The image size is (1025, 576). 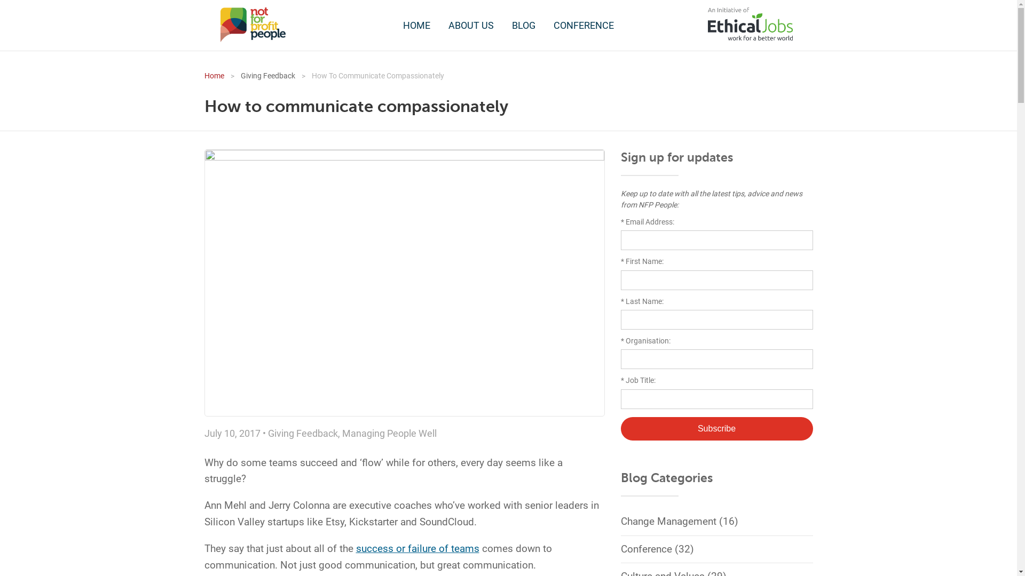 What do you see at coordinates (302, 433) in the screenshot?
I see `'Giving Feedback'` at bounding box center [302, 433].